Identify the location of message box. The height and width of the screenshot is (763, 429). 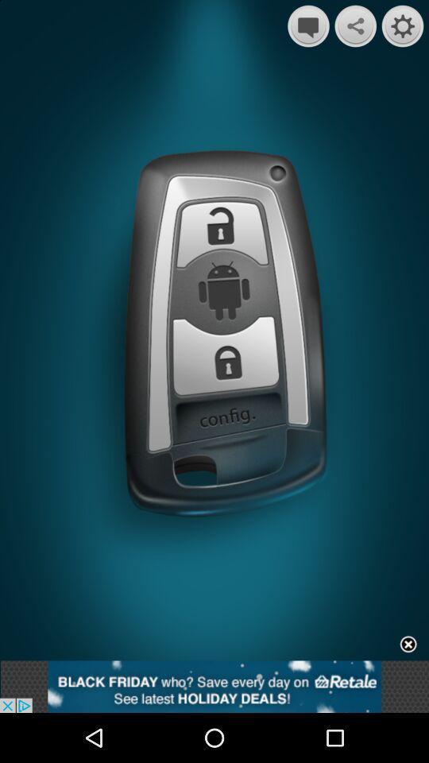
(308, 25).